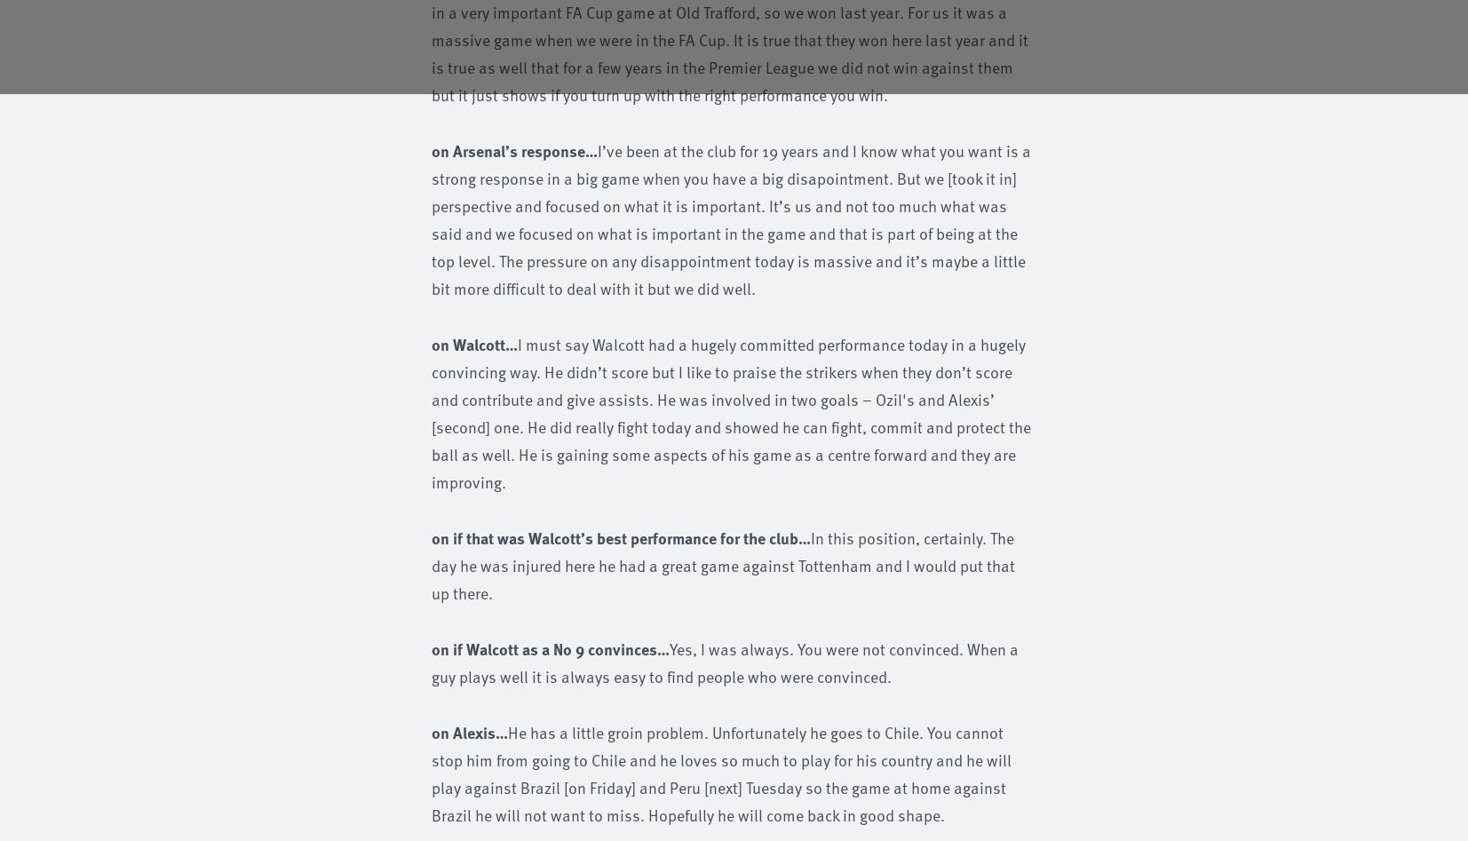  I want to click on 'He has a little groin problem. Unfortunately he goes to Chile. You cannot stop him from going to Chile and he loves so much to play for his country and he will play against Brazil [on Friday] and Peru [next] Tuesday so the game at home against Brazil he will not want to miss. Hopefully he will come back in good shape.', so click(720, 772).